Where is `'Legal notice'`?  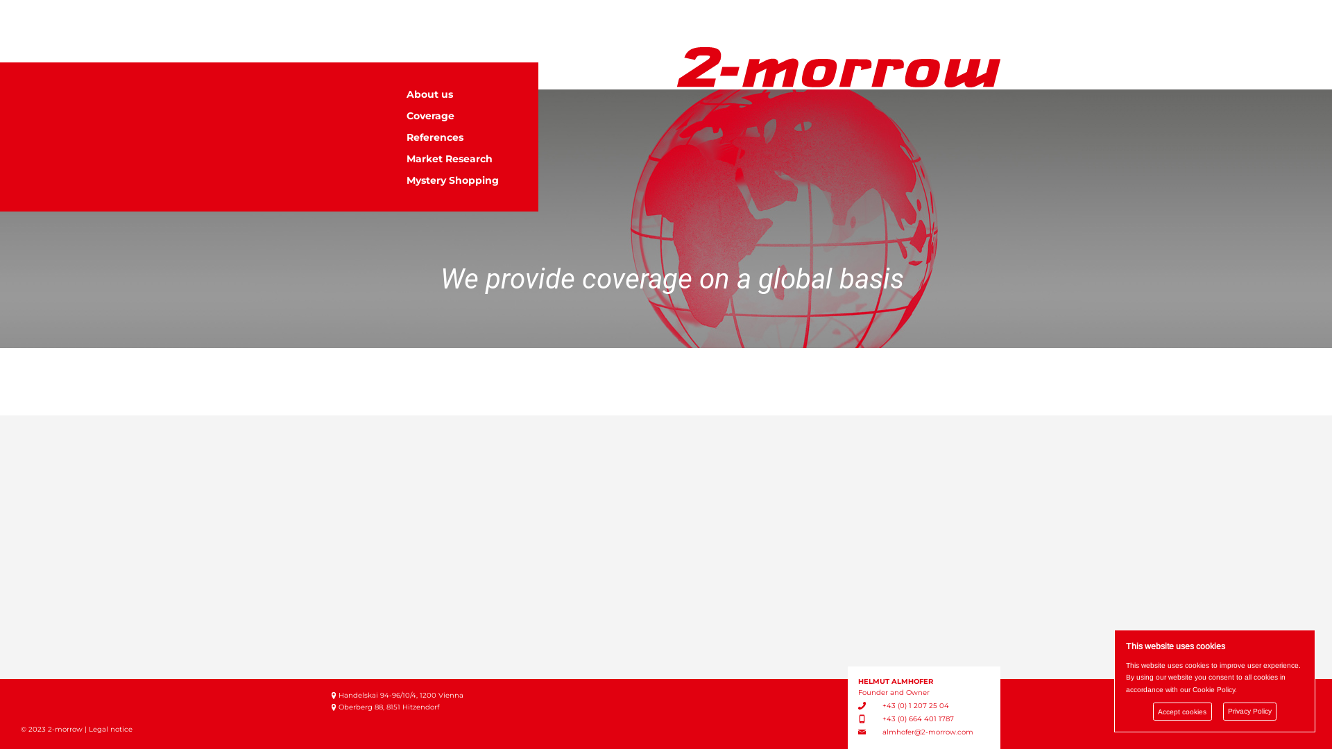 'Legal notice' is located at coordinates (110, 728).